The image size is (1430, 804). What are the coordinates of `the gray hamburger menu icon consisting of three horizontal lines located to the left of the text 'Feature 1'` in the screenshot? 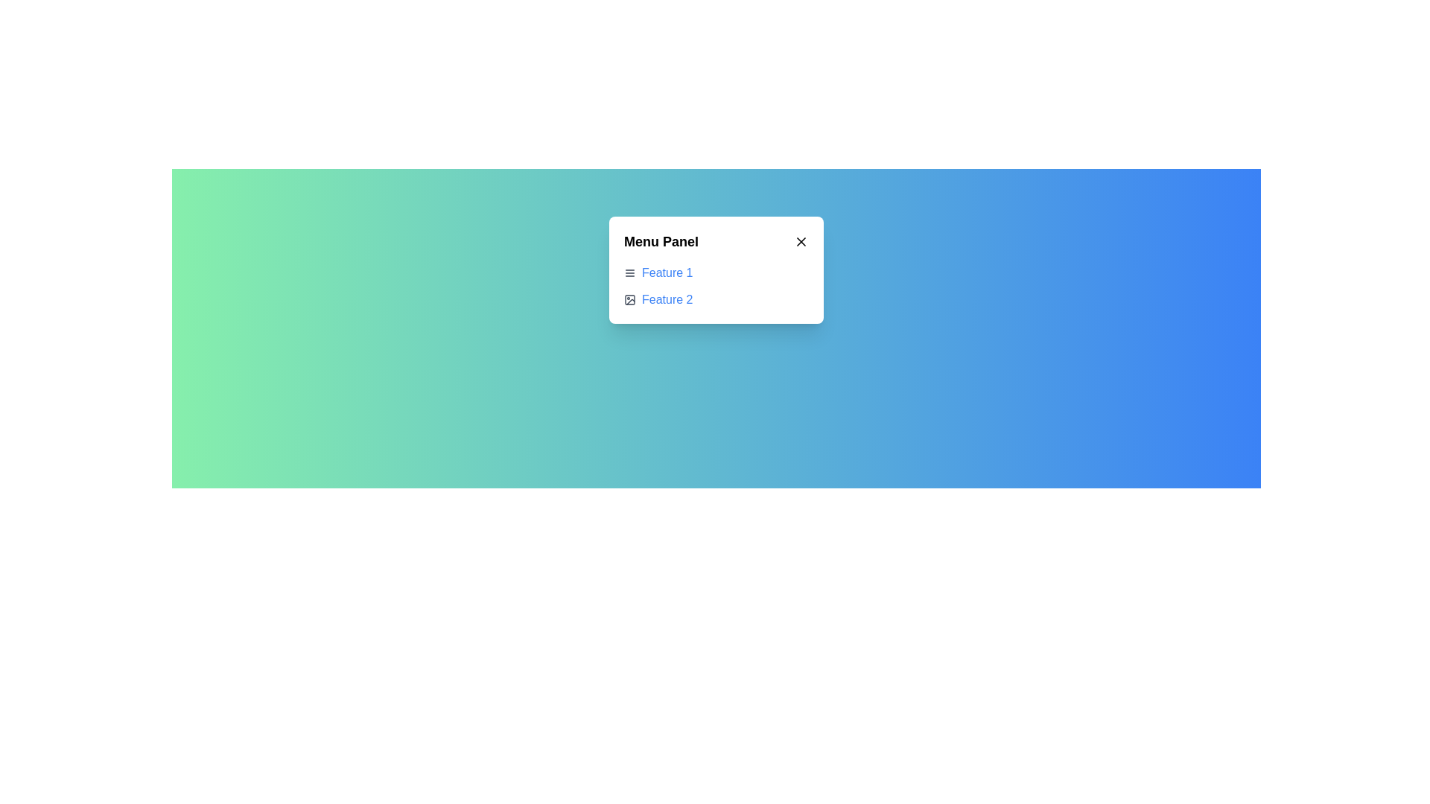 It's located at (629, 272).